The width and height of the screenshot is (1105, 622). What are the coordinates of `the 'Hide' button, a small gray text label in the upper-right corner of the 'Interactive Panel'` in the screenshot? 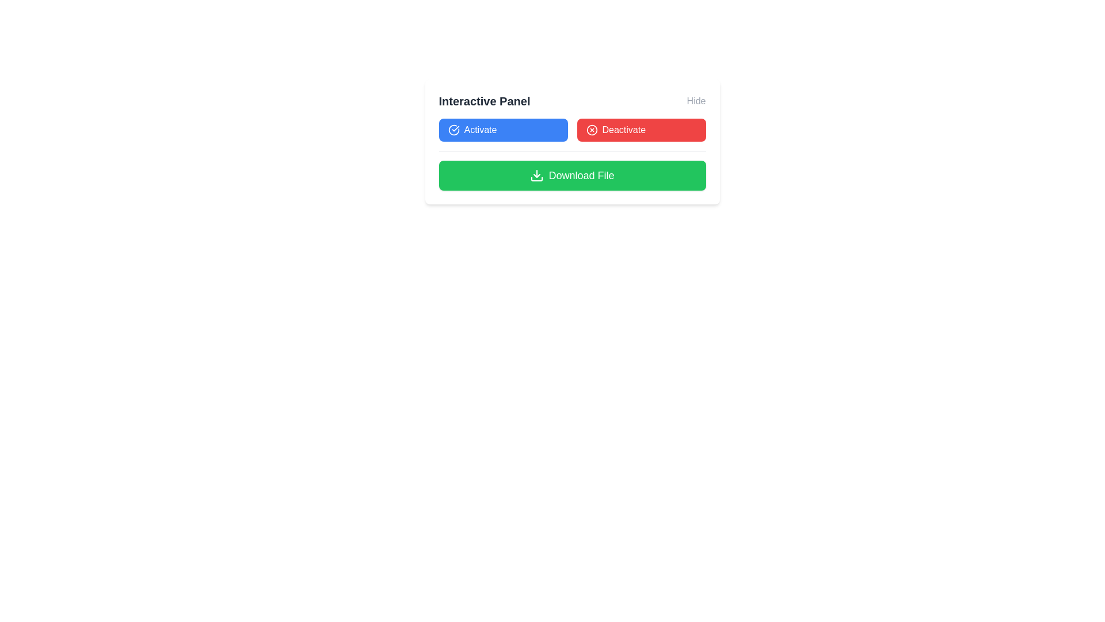 It's located at (695, 101).